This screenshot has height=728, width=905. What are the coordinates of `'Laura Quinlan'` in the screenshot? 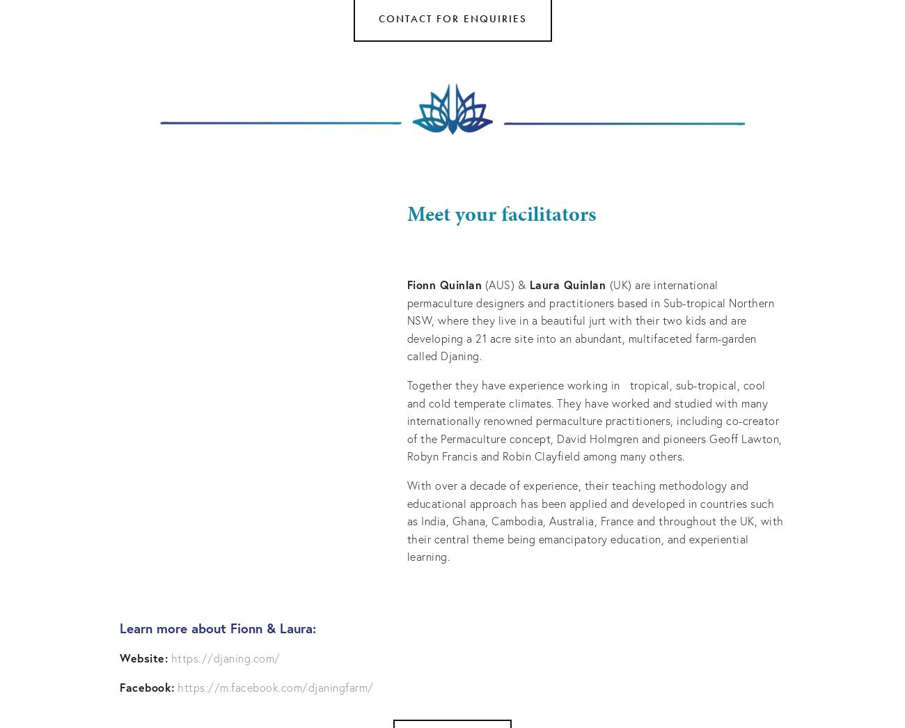 It's located at (567, 284).